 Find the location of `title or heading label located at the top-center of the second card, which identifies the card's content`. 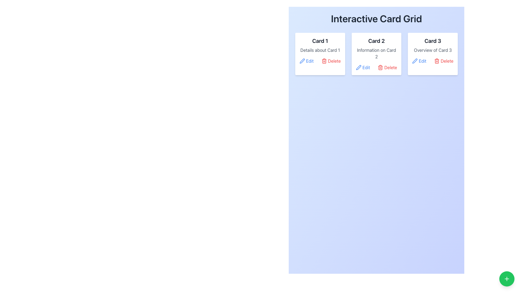

title or heading label located at the top-center of the second card, which identifies the card's content is located at coordinates (376, 40).